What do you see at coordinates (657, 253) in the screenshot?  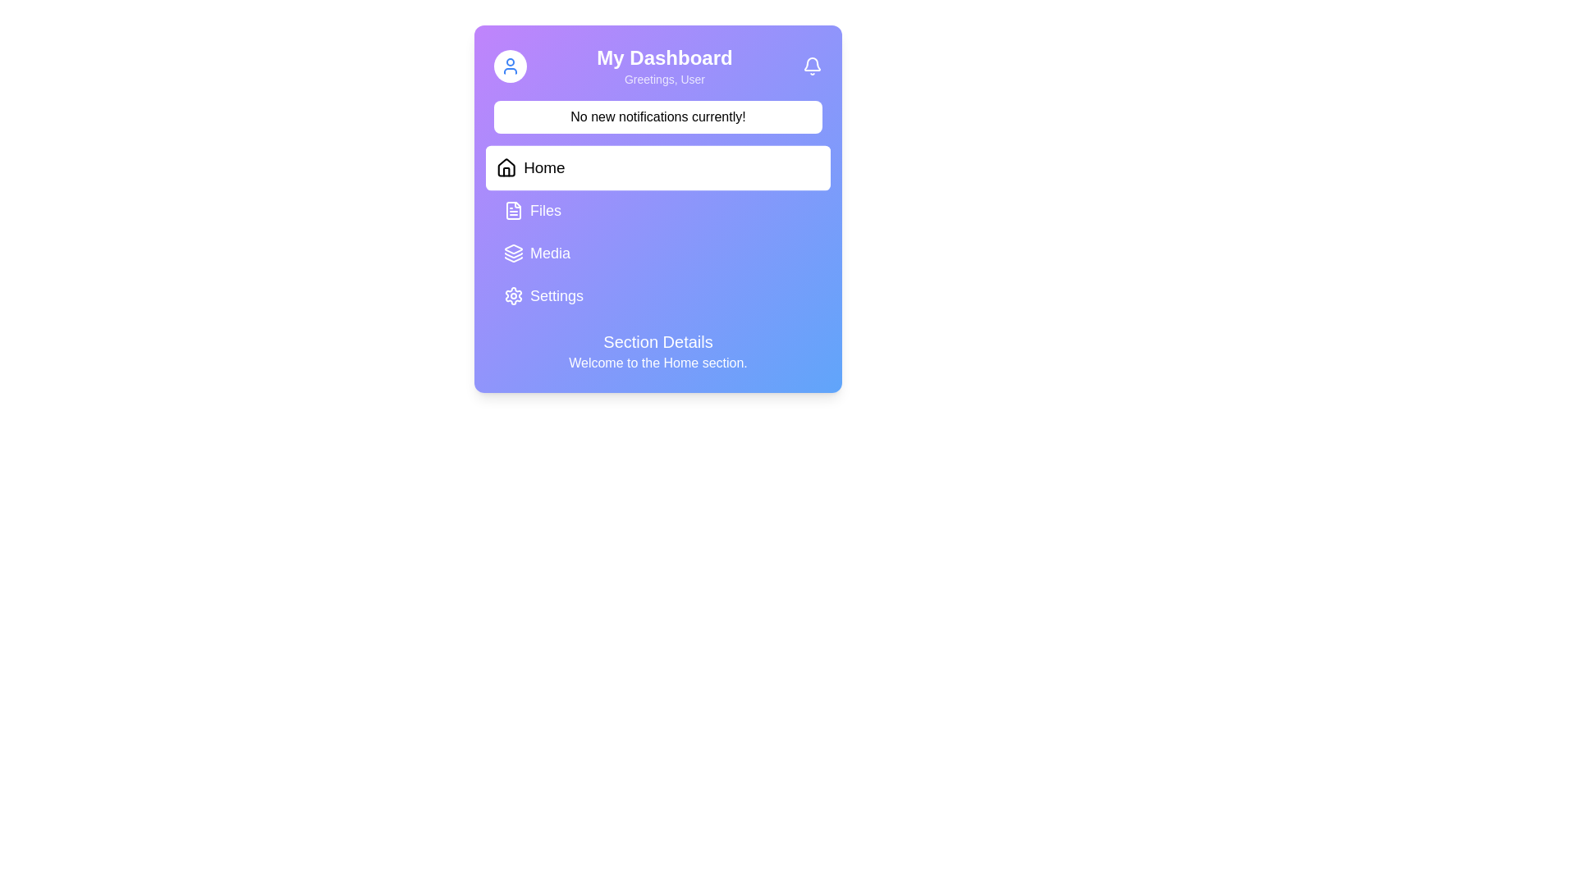 I see `the Navigation Button labeled 'Media' to observe the hover effect, which is the third item in a vertical list of navigation options` at bounding box center [657, 253].